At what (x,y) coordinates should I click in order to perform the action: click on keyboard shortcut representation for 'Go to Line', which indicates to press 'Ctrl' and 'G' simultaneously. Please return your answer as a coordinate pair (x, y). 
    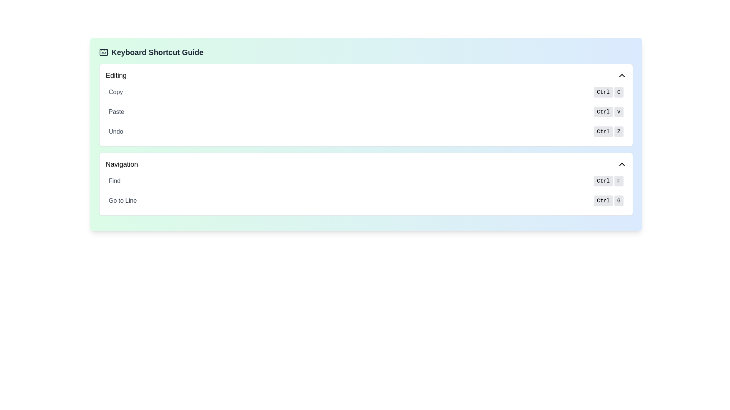
    Looking at the image, I should click on (608, 200).